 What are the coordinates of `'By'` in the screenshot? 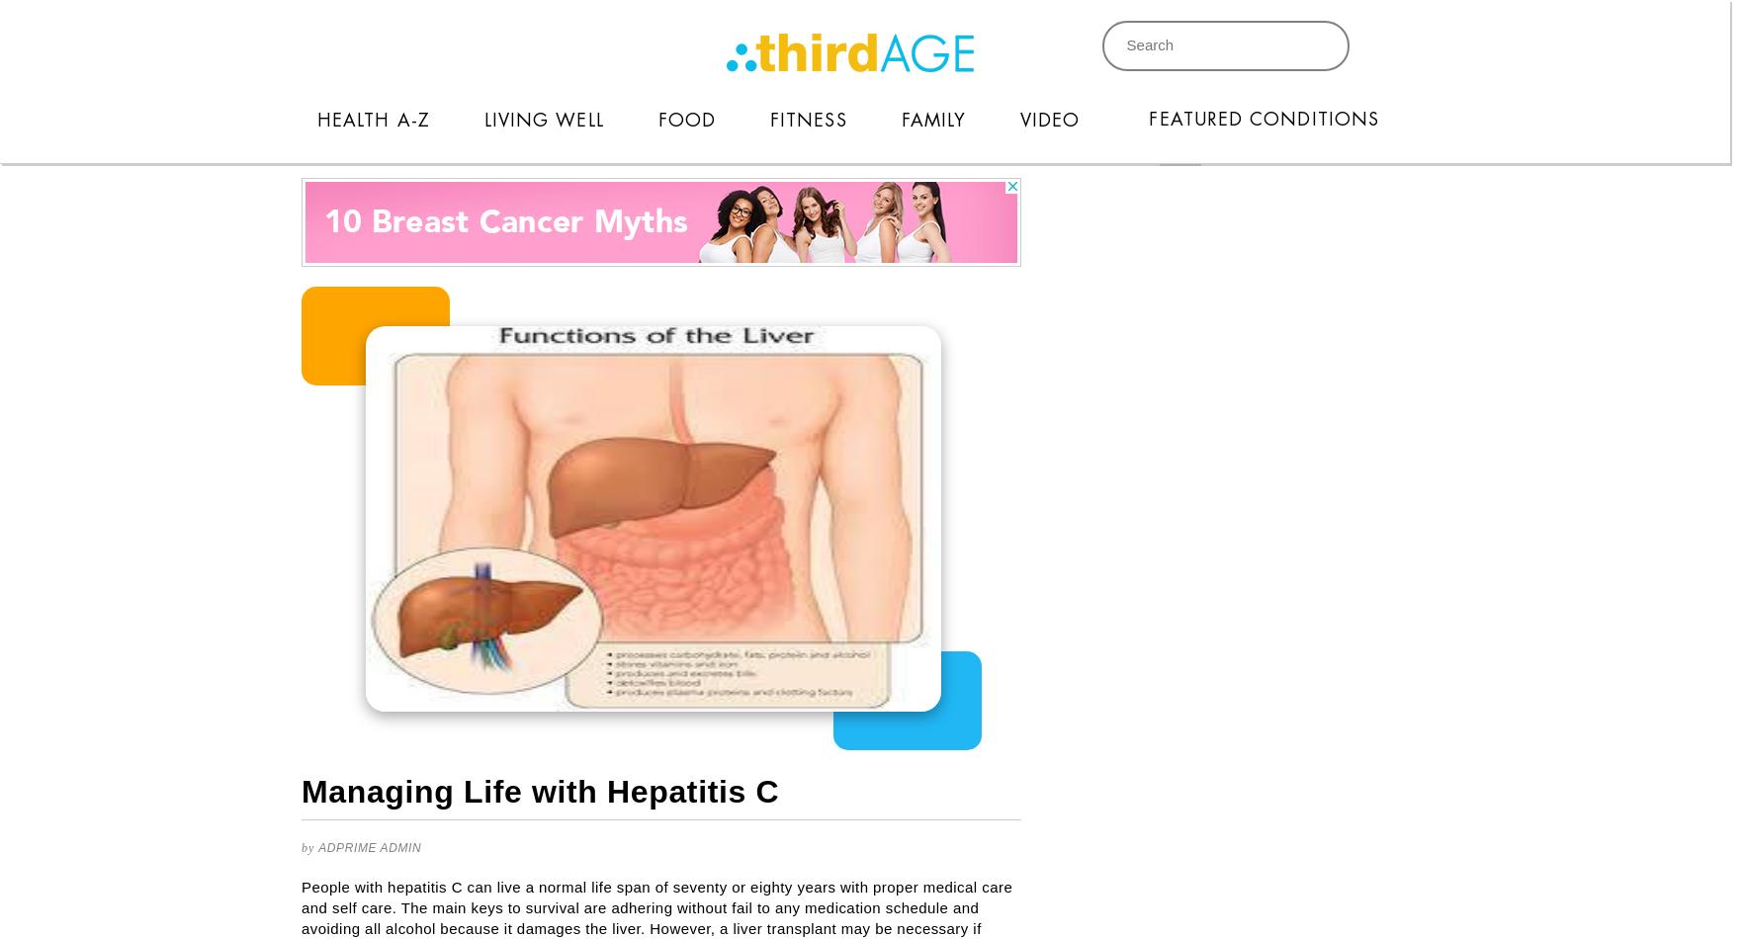 It's located at (300, 847).